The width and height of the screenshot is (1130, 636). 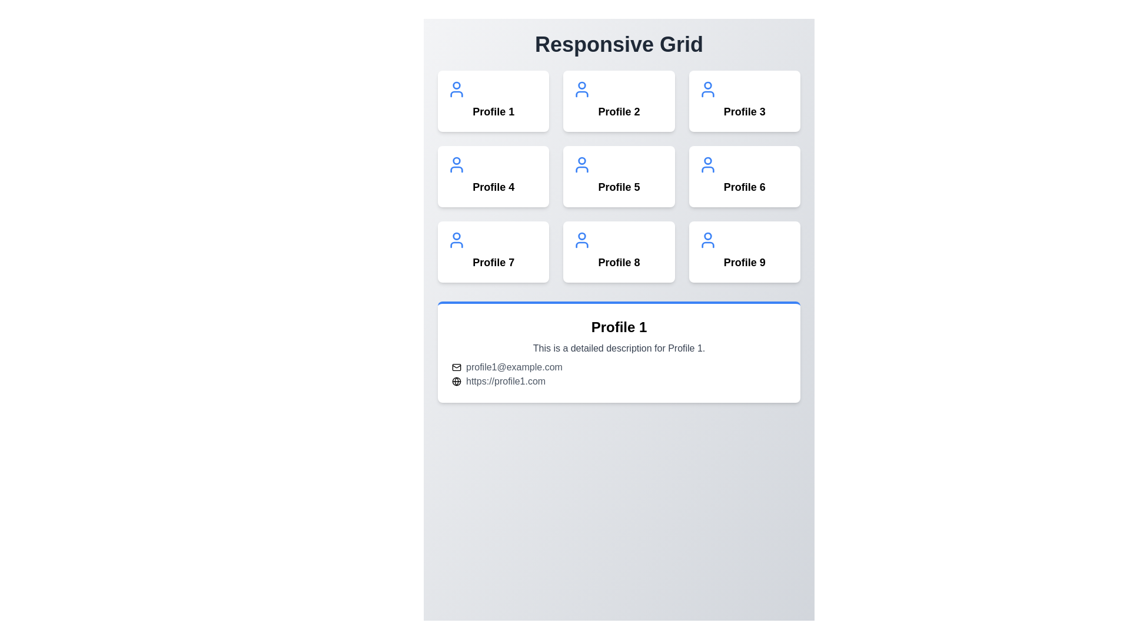 What do you see at coordinates (744, 177) in the screenshot?
I see `the card with a white background and a blue user silhouette icon labeled 'Profile 6', located in the second row and third column of the grid under 'Responsive Grid'` at bounding box center [744, 177].